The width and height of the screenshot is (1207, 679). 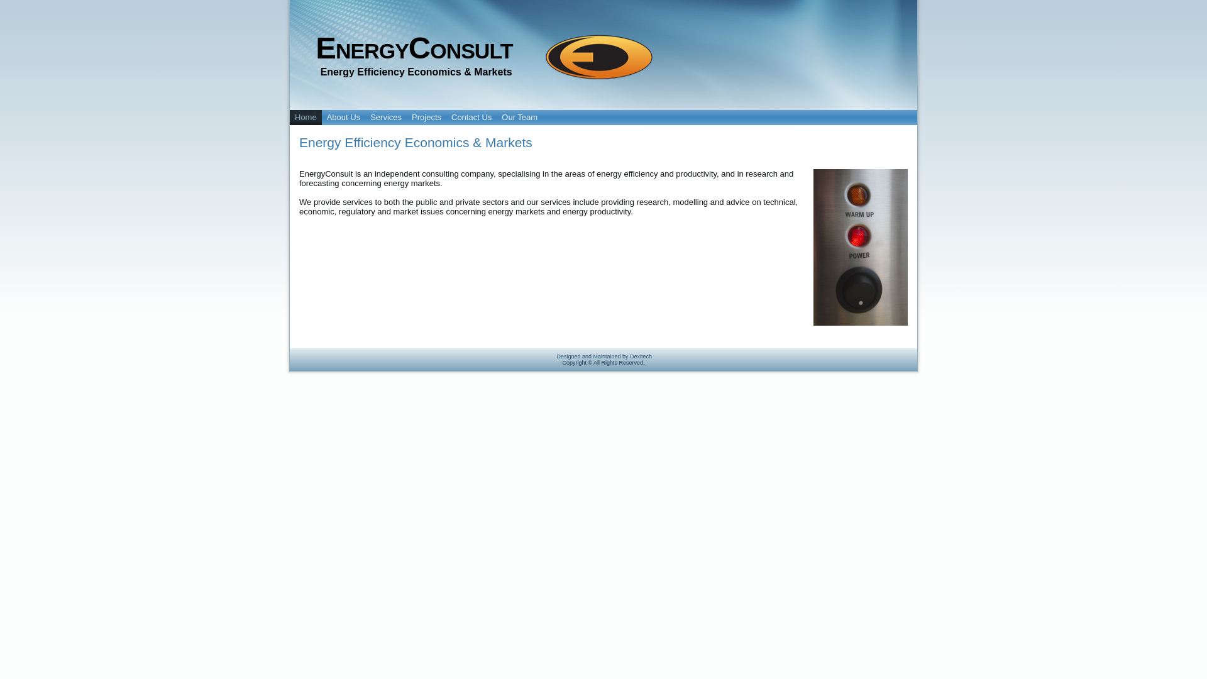 What do you see at coordinates (519, 117) in the screenshot?
I see `'Our Team'` at bounding box center [519, 117].